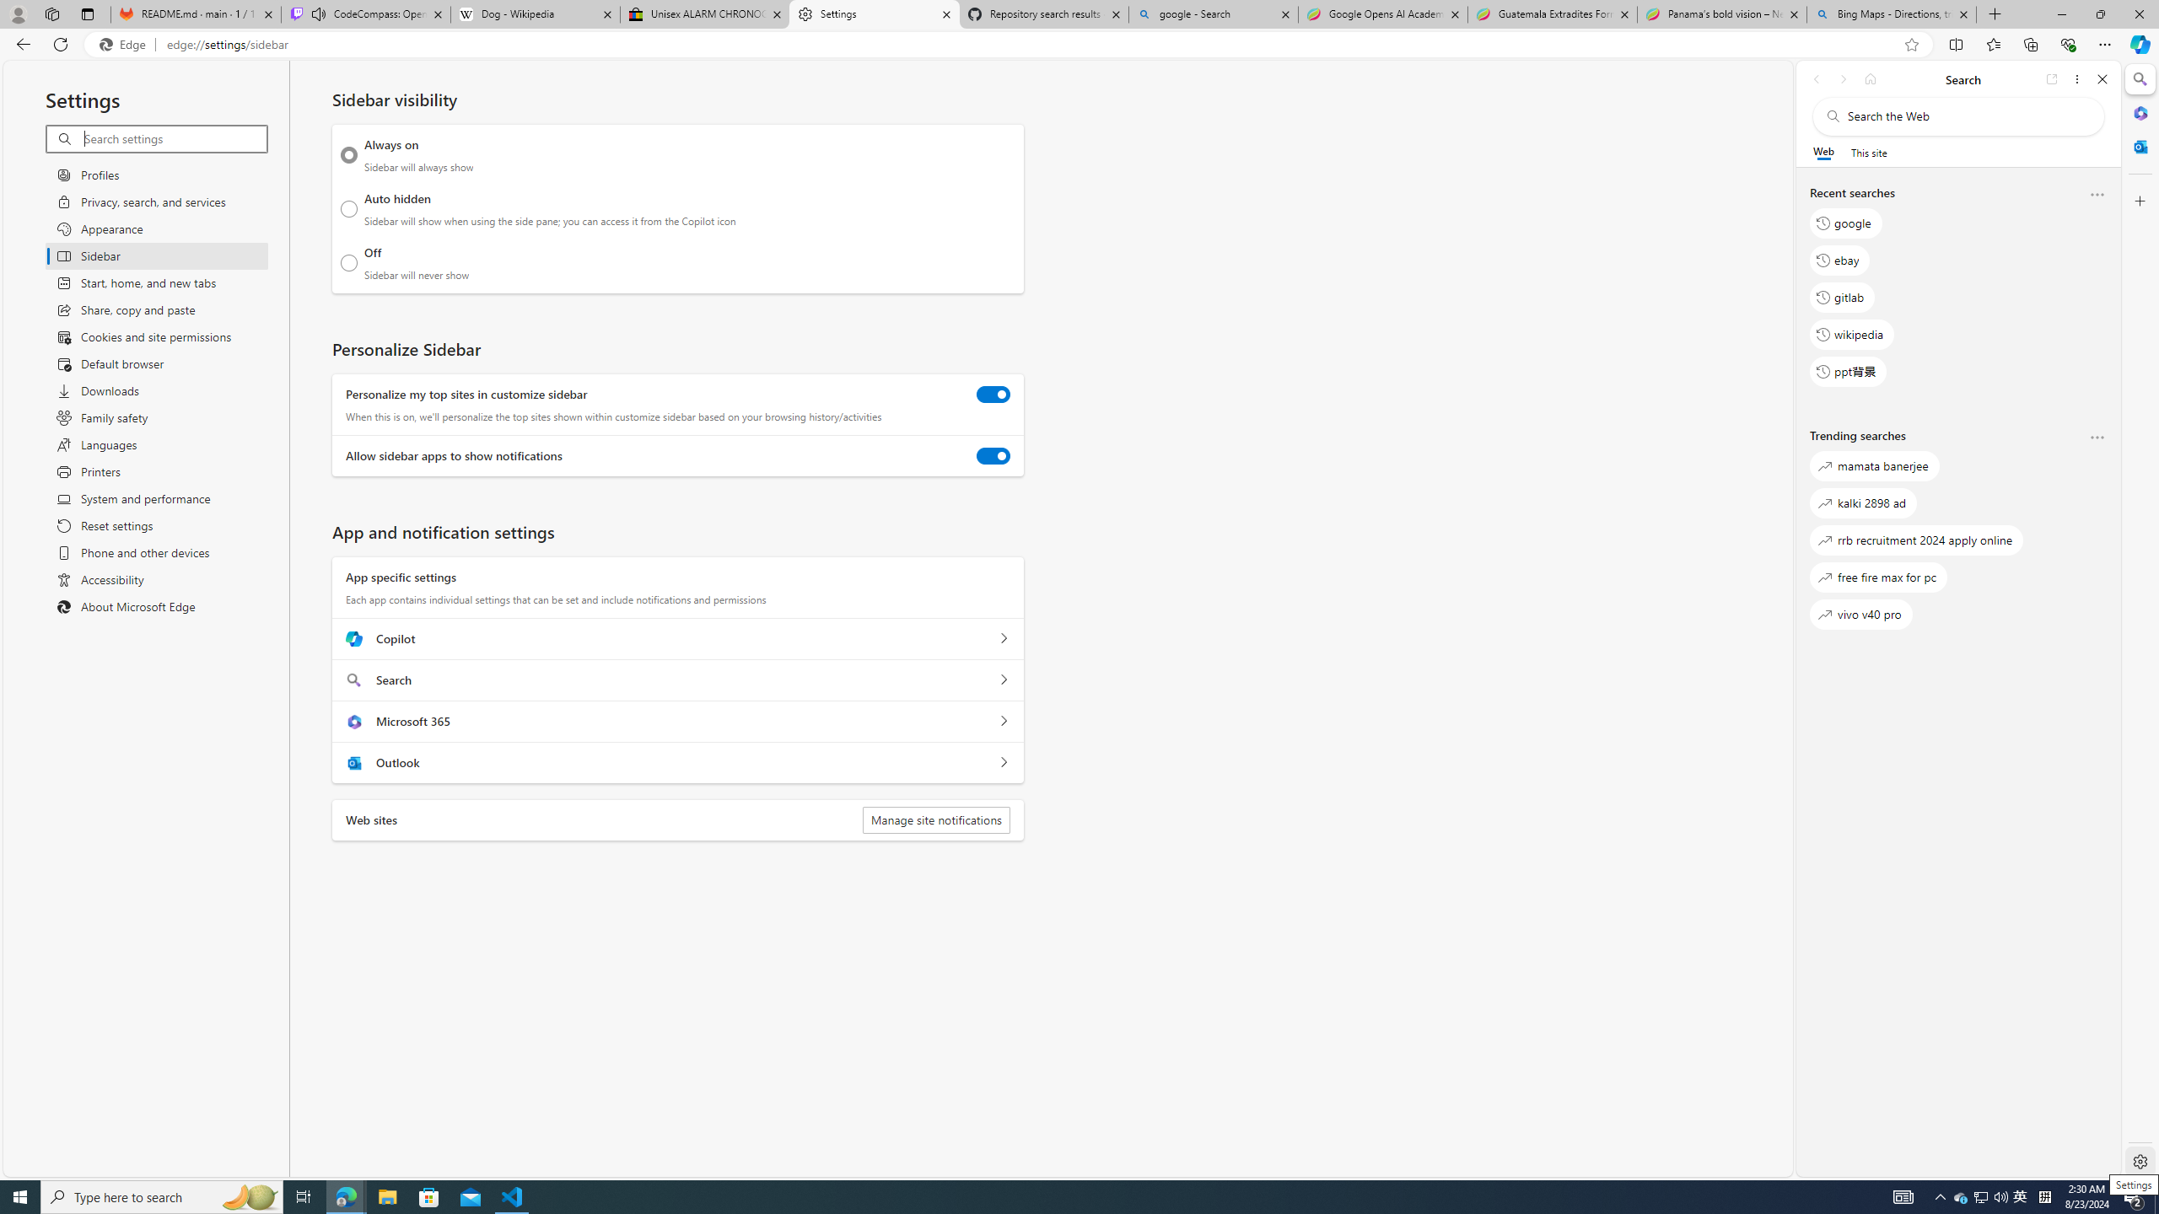 This screenshot has width=2159, height=1214. Describe the element at coordinates (175, 138) in the screenshot. I see `'Search settings'` at that location.